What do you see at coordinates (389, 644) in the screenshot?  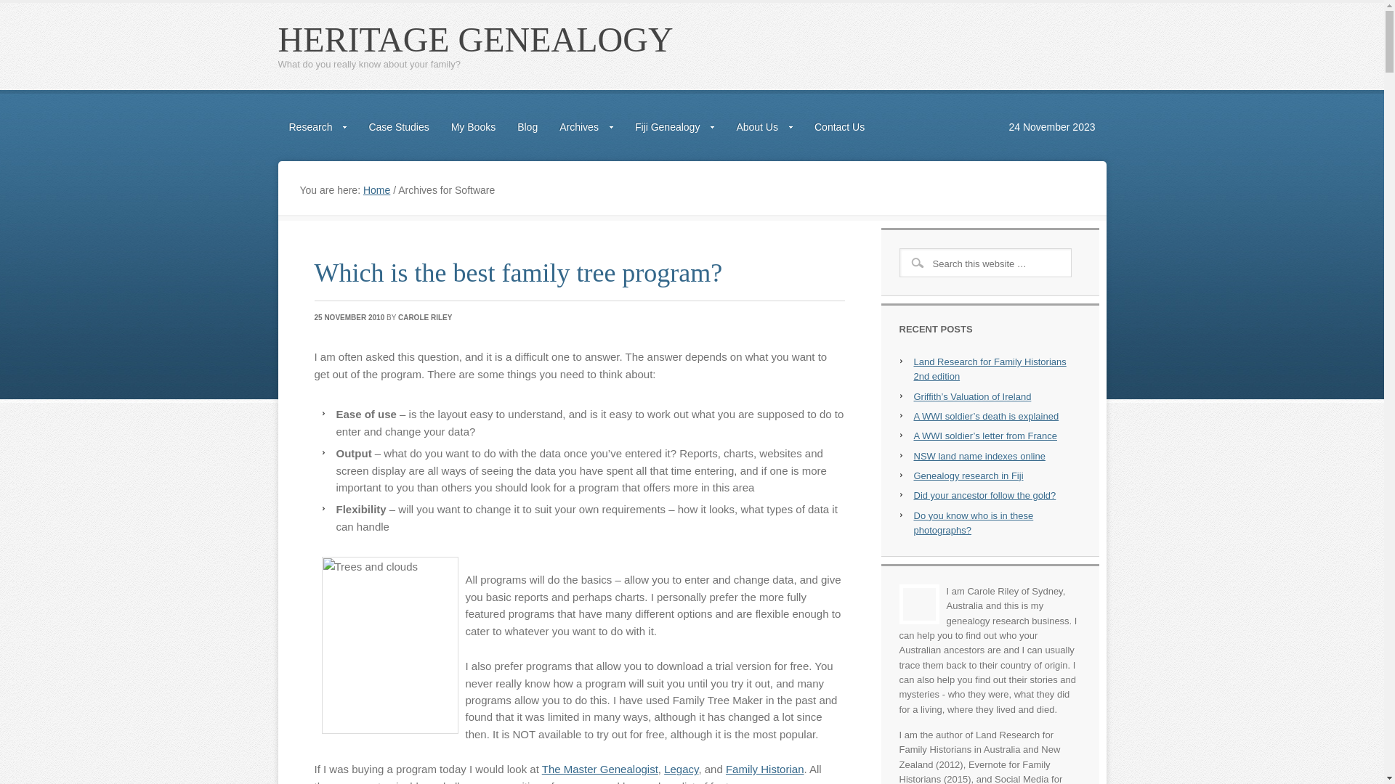 I see `'Trees and clouds'` at bounding box center [389, 644].